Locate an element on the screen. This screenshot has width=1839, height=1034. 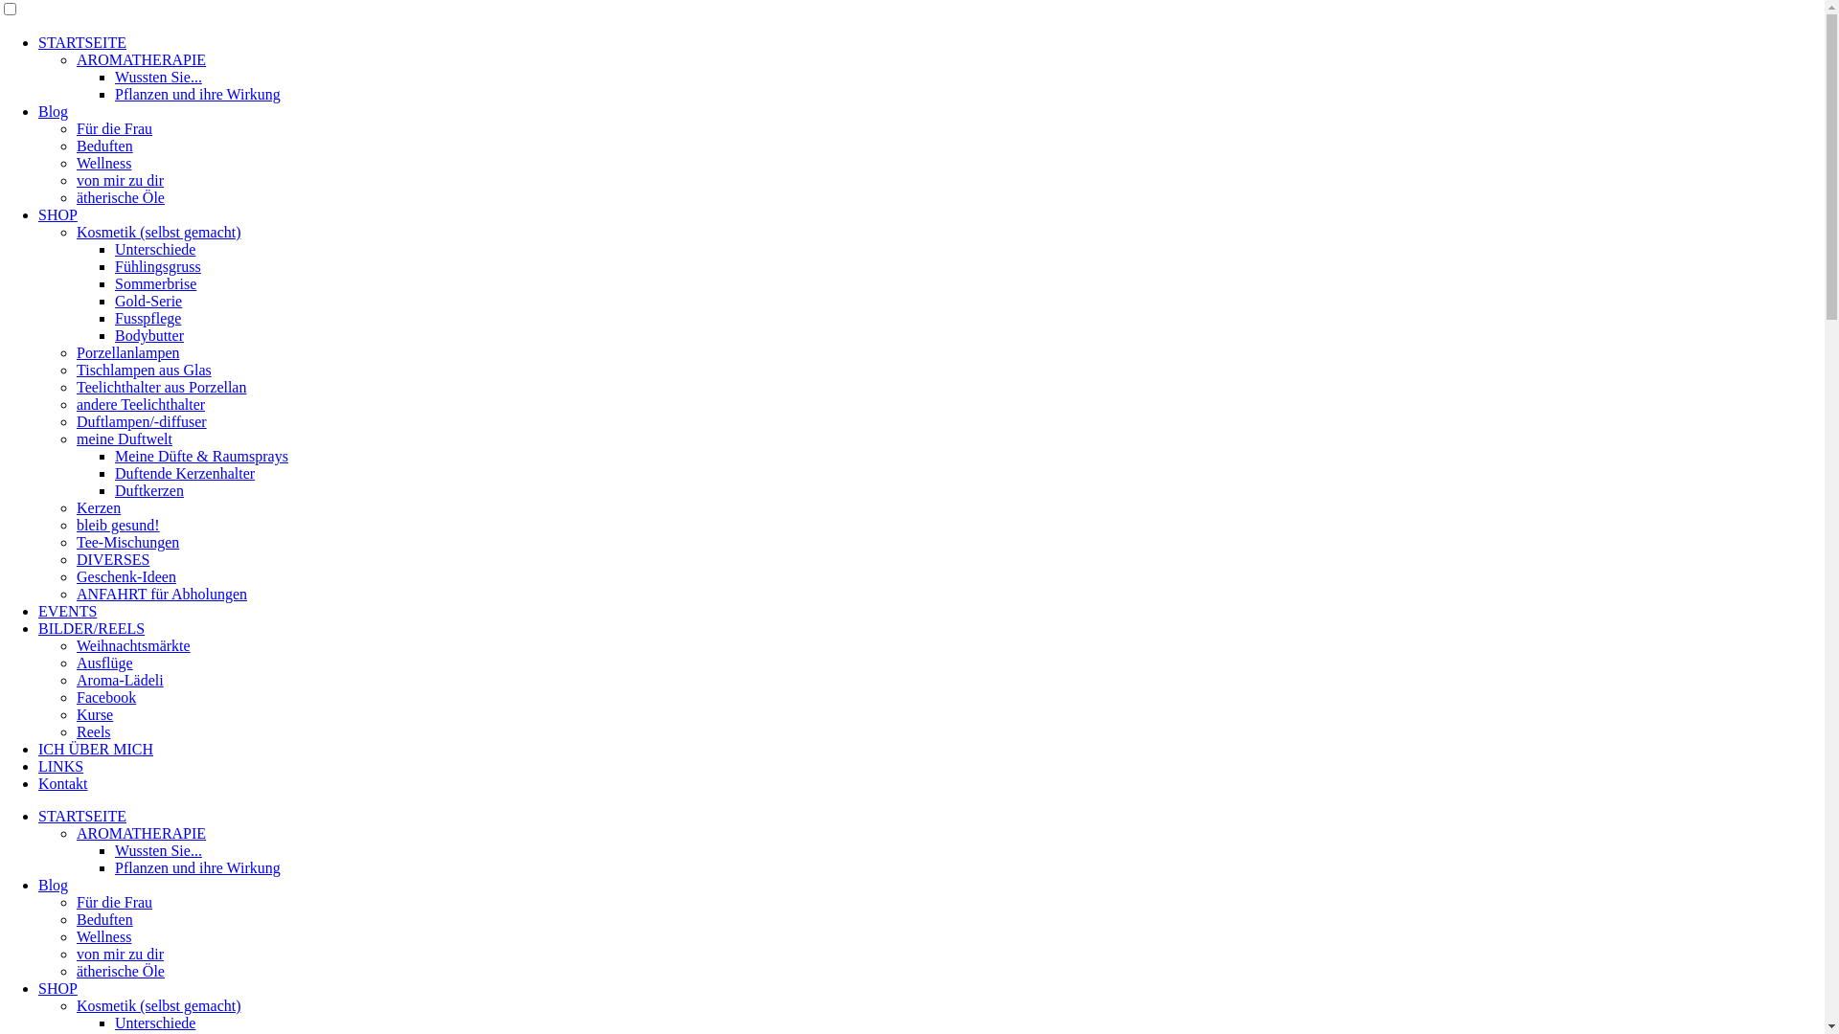
'Wussten Sie...' is located at coordinates (158, 849).